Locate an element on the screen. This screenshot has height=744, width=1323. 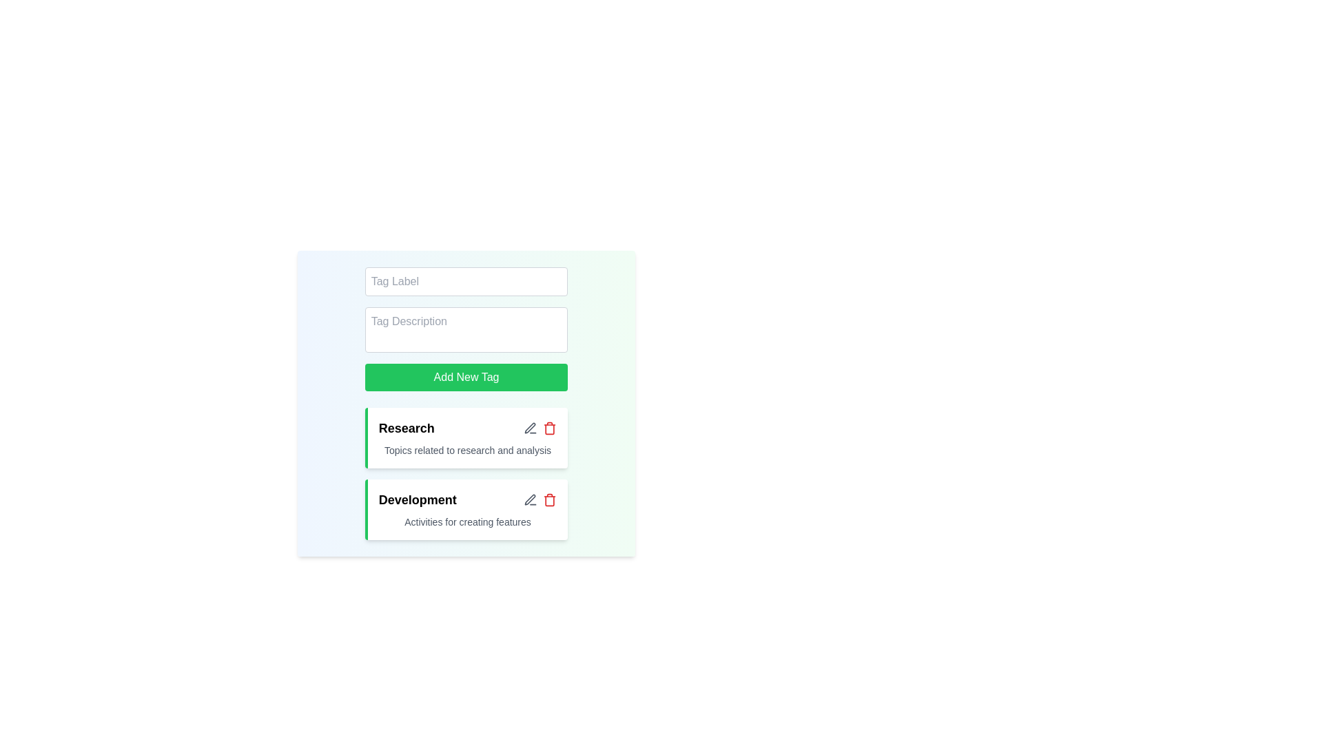
the drawing symbol icon resembling a slanted pencil, which is located on the right side of the 'Development' row, next to a red trash-can symbol is located at coordinates (529, 427).